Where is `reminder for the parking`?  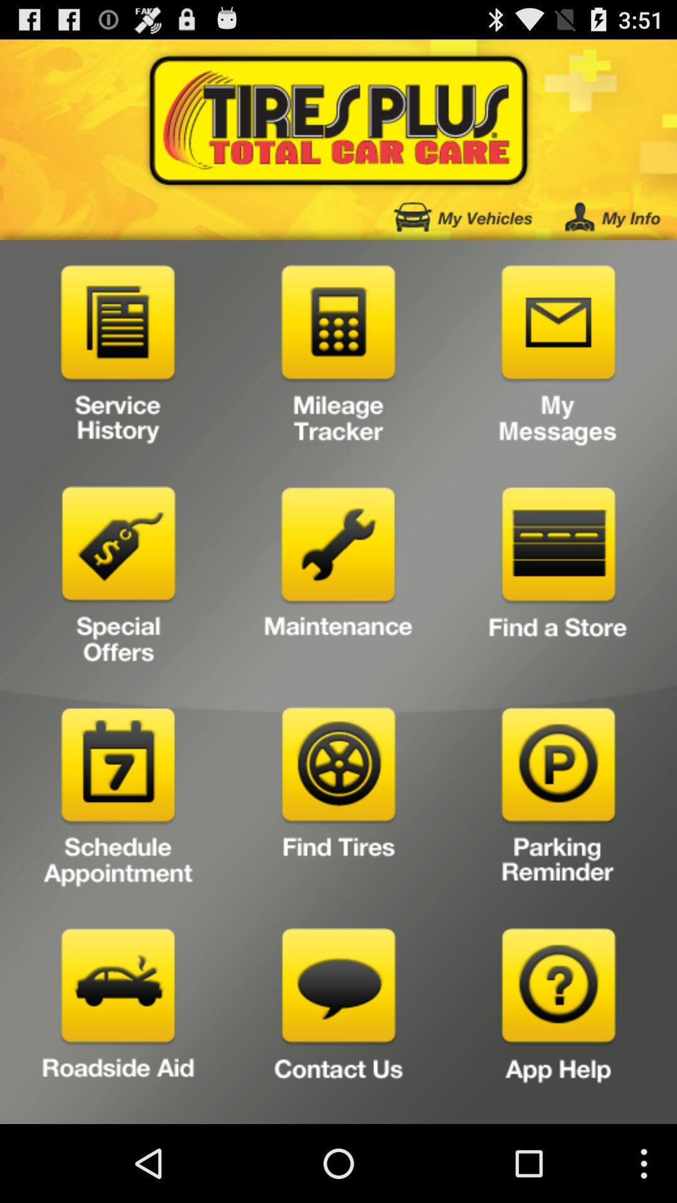 reminder for the parking is located at coordinates (558, 800).